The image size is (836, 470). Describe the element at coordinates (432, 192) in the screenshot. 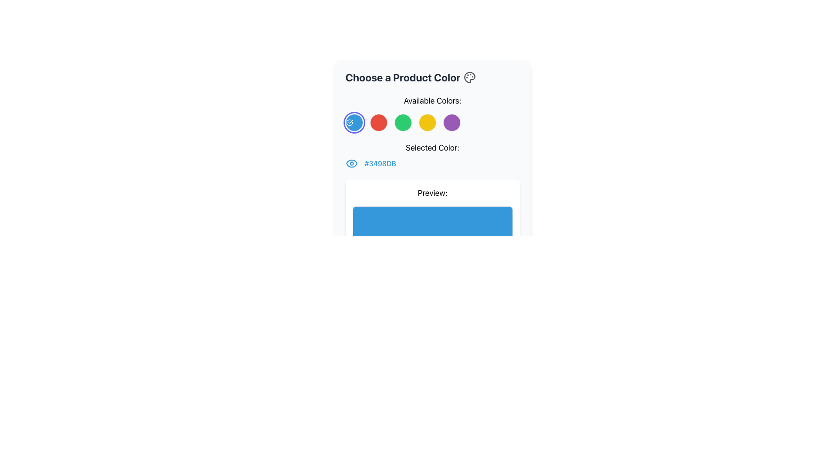

I see `the static text label that indicates the section showing a preview of the selected product color or design, which is positioned above the blue 'Live Preview' section` at that location.